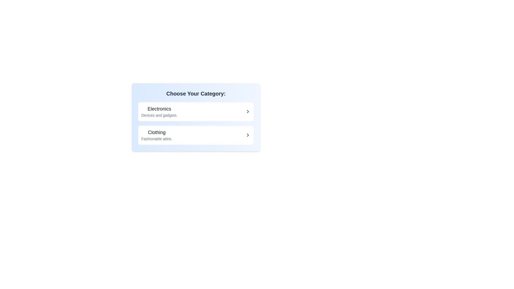 This screenshot has width=514, height=289. Describe the element at coordinates (195, 135) in the screenshot. I see `the 'Clothing' selectable list item, which is the second entry` at that location.